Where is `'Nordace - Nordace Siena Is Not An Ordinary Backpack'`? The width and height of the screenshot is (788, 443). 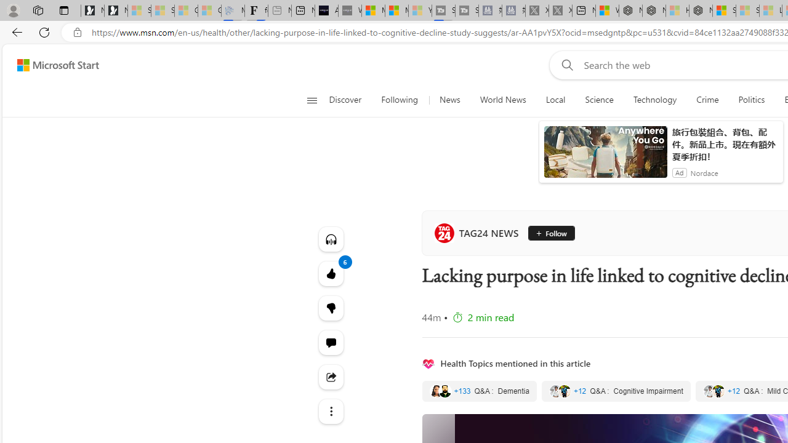 'Nordace - Nordace Siena Is Not An Ordinary Backpack' is located at coordinates (701, 10).